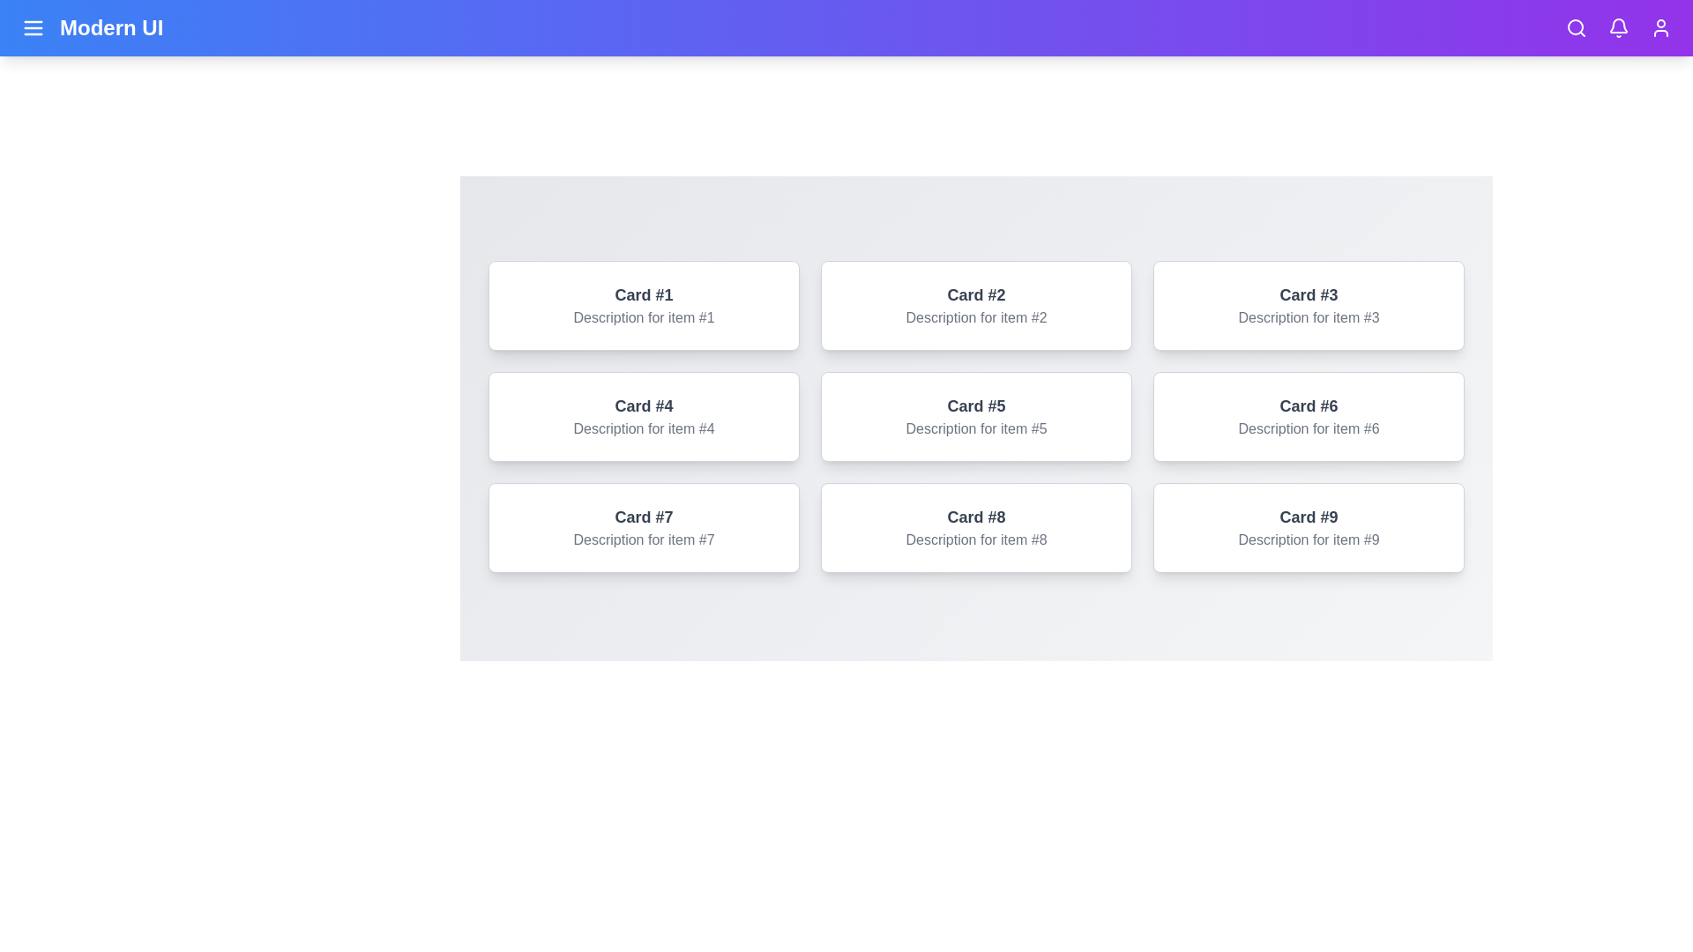 The width and height of the screenshot is (1693, 952). Describe the element at coordinates (1659, 27) in the screenshot. I see `the user icon in the navigation bar` at that location.